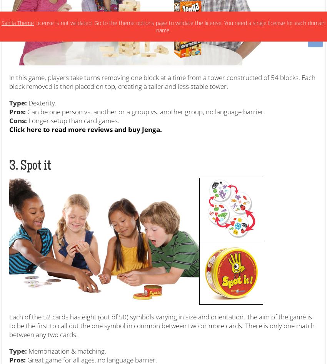 Image resolution: width=327 pixels, height=364 pixels. What do you see at coordinates (30, 166) in the screenshot?
I see `'3. Spot it'` at bounding box center [30, 166].